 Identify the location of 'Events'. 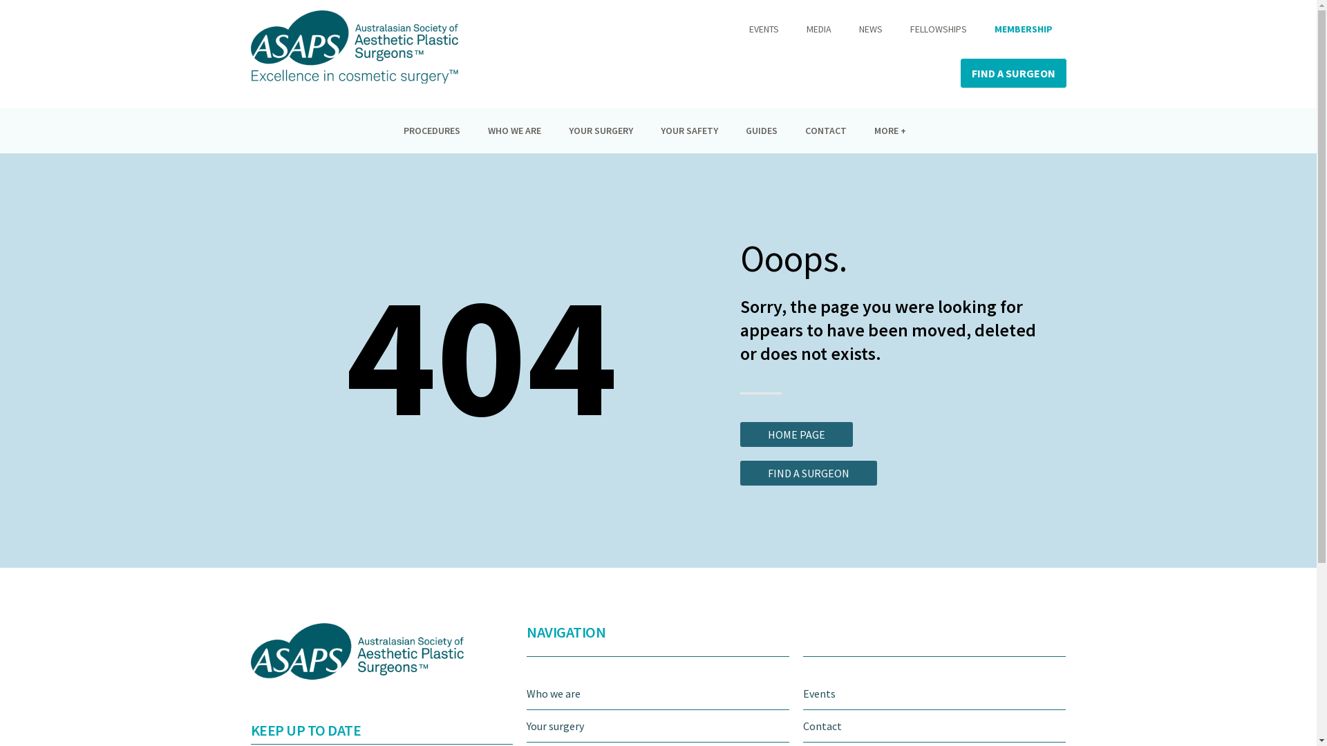
(934, 693).